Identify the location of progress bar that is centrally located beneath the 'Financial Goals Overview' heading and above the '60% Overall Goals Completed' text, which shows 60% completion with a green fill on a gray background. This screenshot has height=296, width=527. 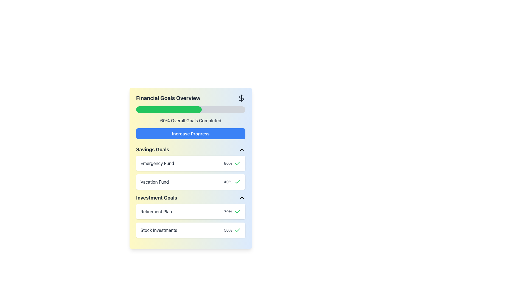
(191, 110).